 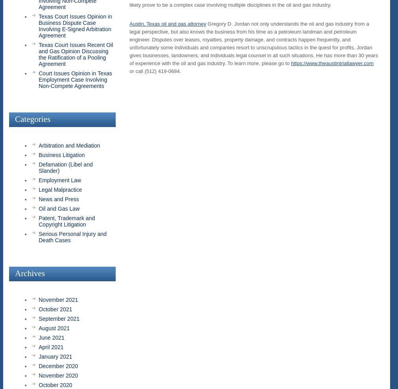 What do you see at coordinates (55, 356) in the screenshot?
I see `'January 2021'` at bounding box center [55, 356].